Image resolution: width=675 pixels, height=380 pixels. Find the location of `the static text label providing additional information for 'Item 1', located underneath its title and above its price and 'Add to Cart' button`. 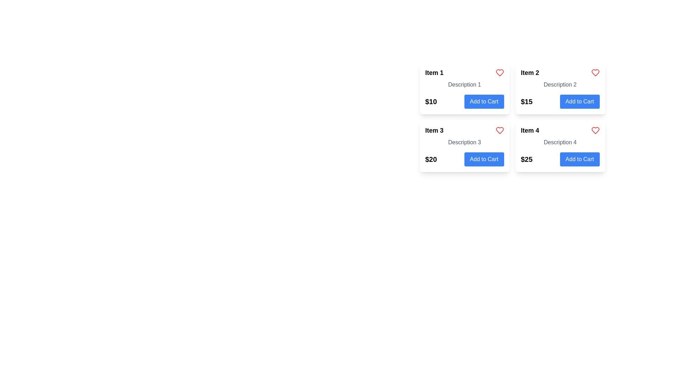

the static text label providing additional information for 'Item 1', located underneath its title and above its price and 'Add to Cart' button is located at coordinates (464, 84).